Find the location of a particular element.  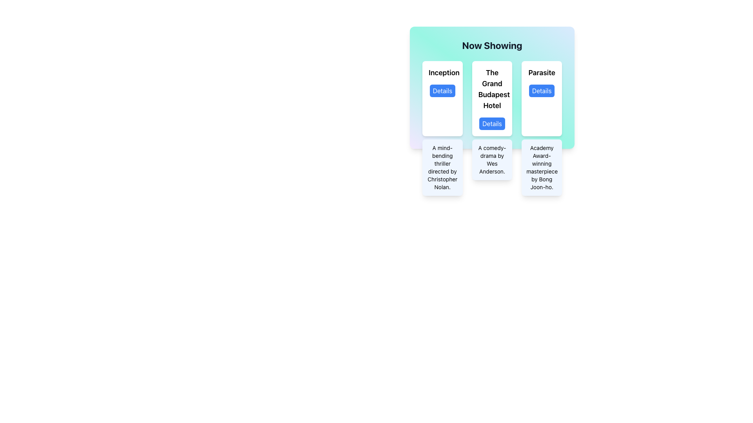

the text header element displaying 'Now Showing', which is styled in bold black font against a gradient background is located at coordinates (491, 45).